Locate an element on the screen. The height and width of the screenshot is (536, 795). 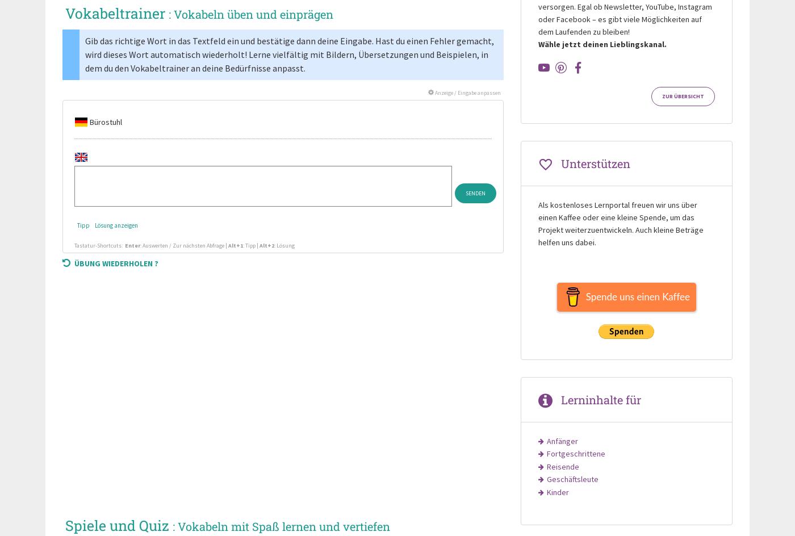
'Bürostuhl' is located at coordinates (104, 122).